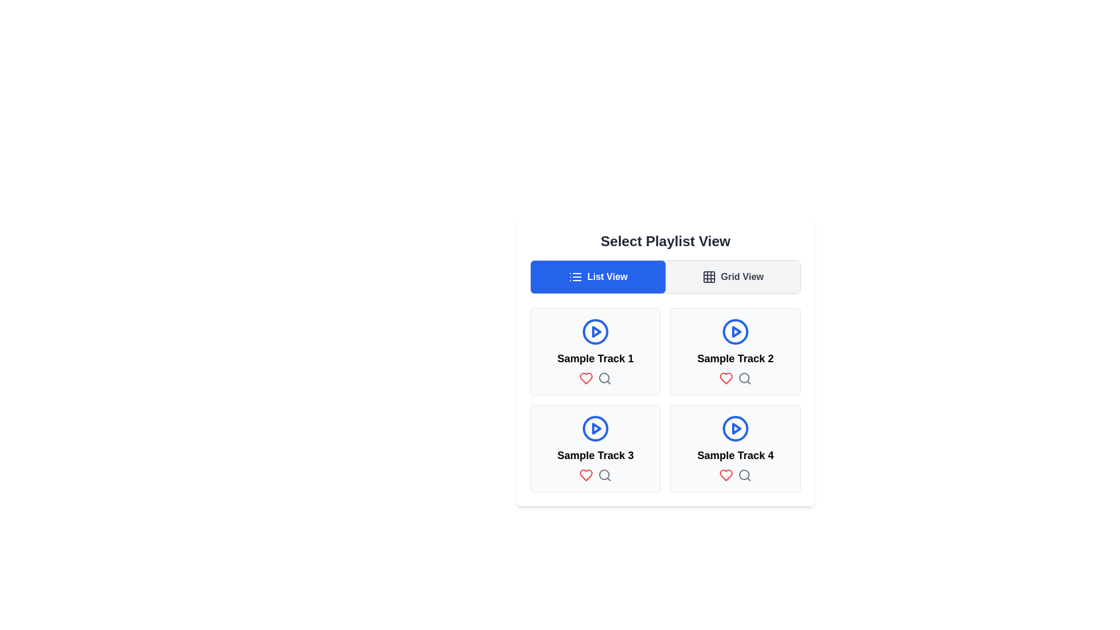 The image size is (1120, 630). What do you see at coordinates (586, 475) in the screenshot?
I see `the heart icon button styled in red located directly beneath 'Sample Track 3' to favorite the track` at bounding box center [586, 475].